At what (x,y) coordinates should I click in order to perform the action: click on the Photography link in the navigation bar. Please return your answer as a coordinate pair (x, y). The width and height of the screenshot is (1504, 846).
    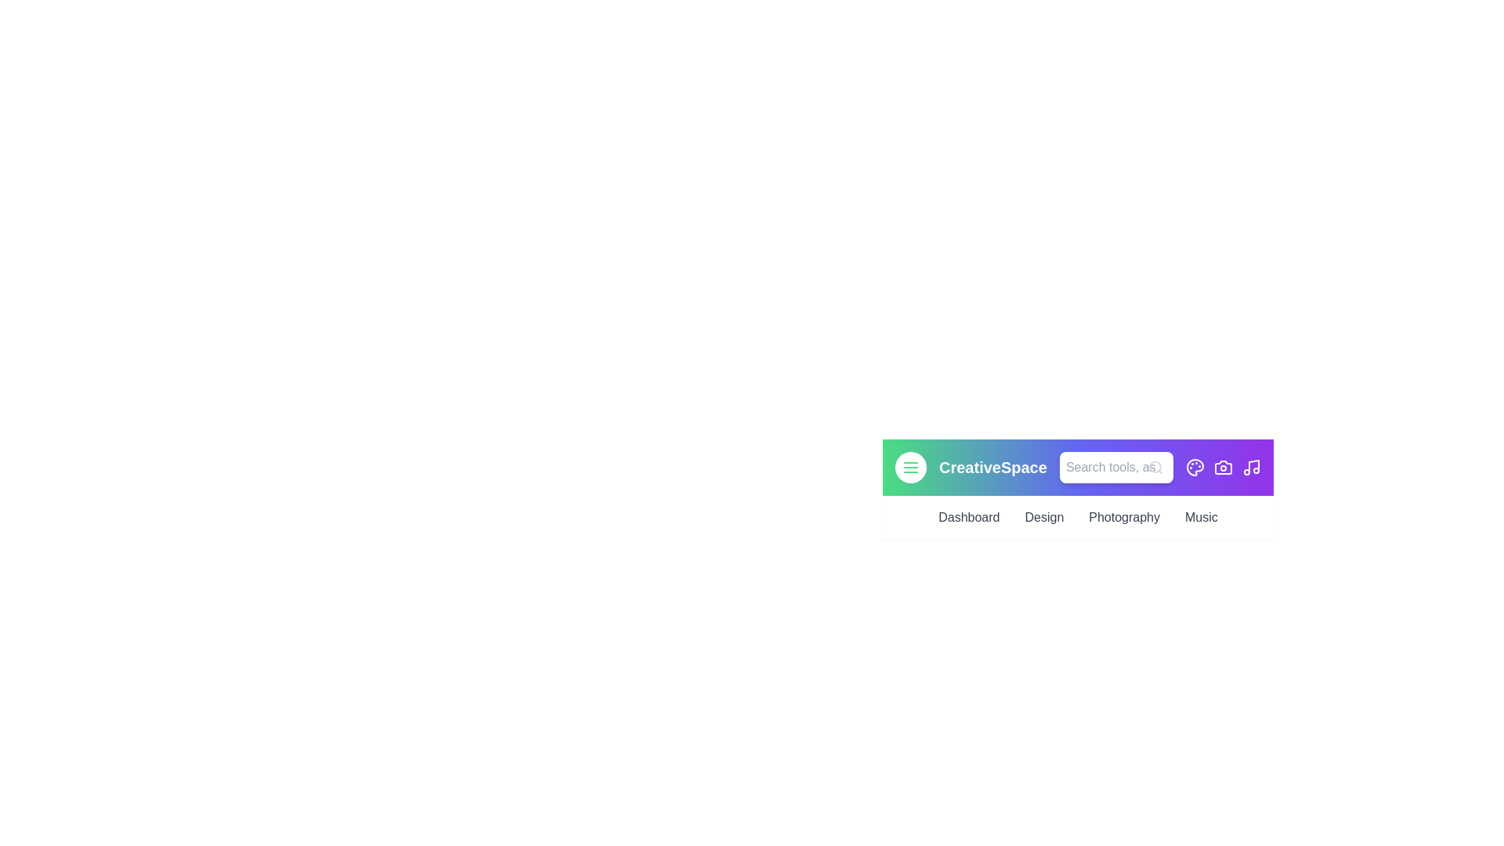
    Looking at the image, I should click on (1123, 517).